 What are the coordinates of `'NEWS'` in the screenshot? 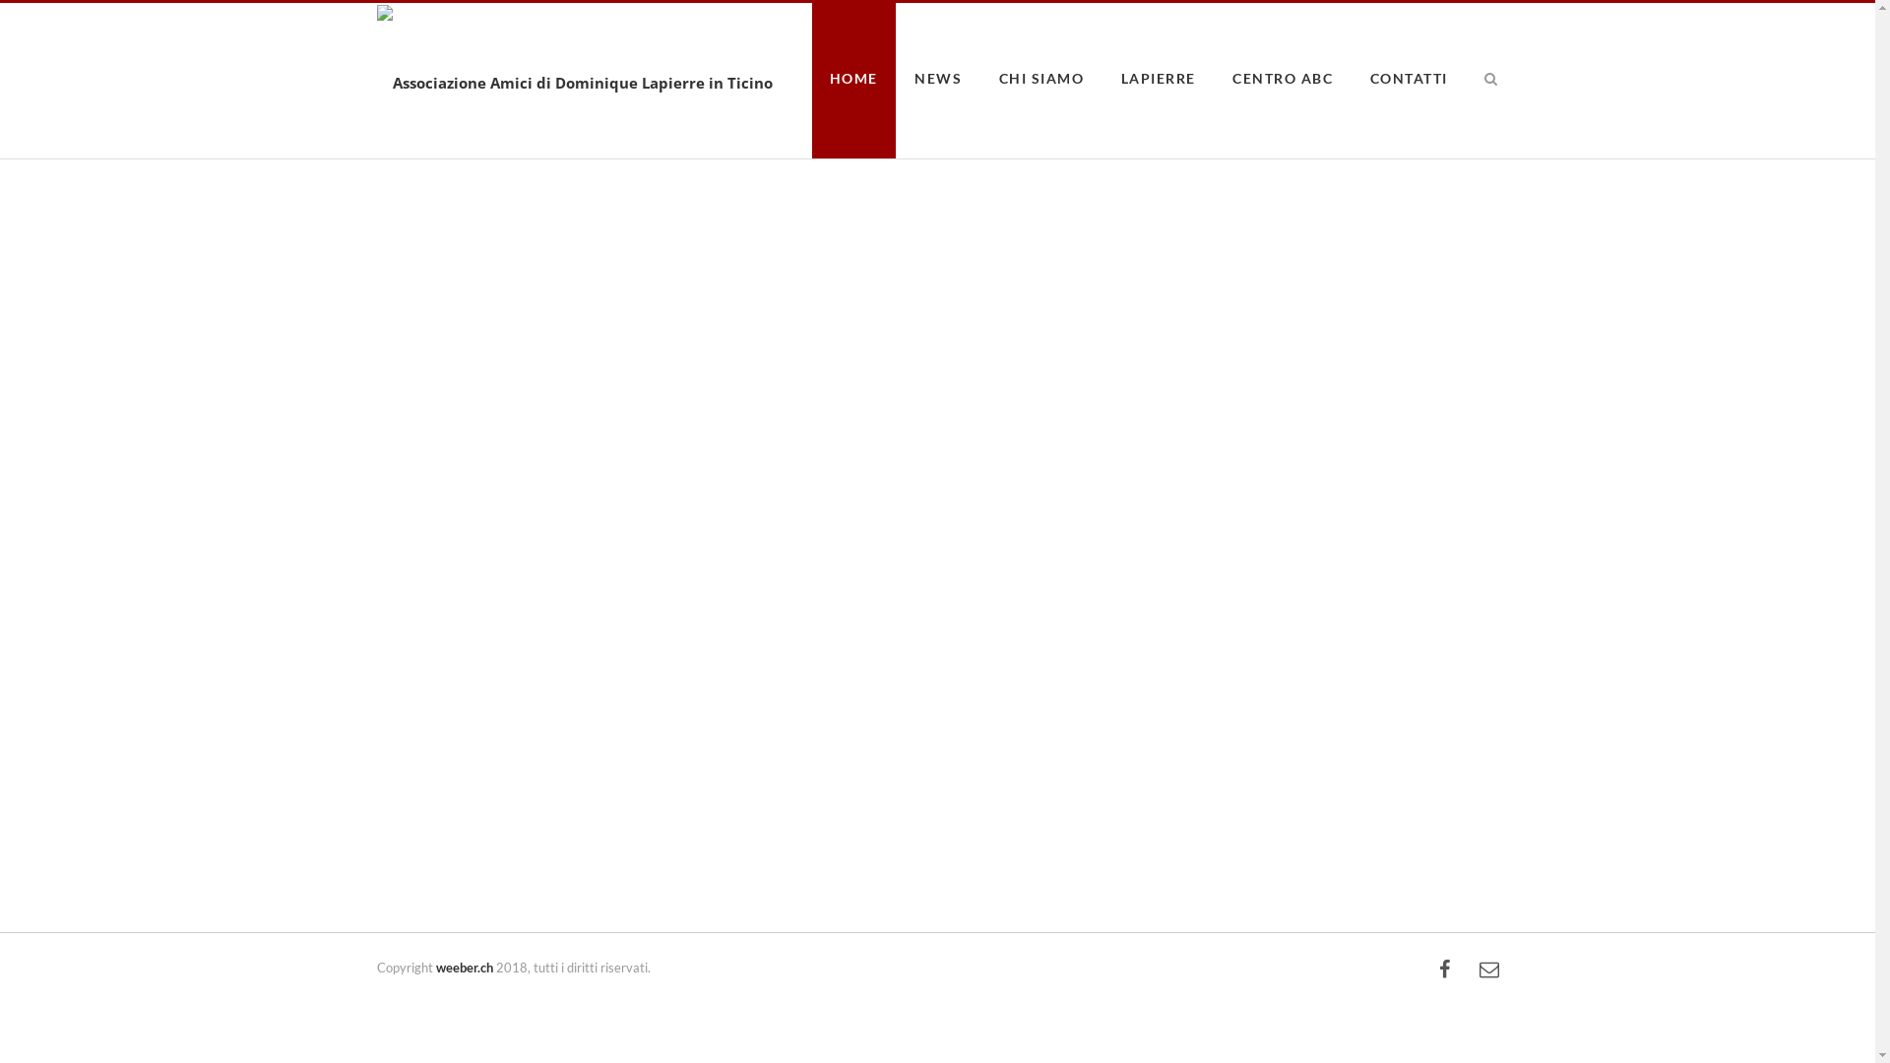 It's located at (937, 78).